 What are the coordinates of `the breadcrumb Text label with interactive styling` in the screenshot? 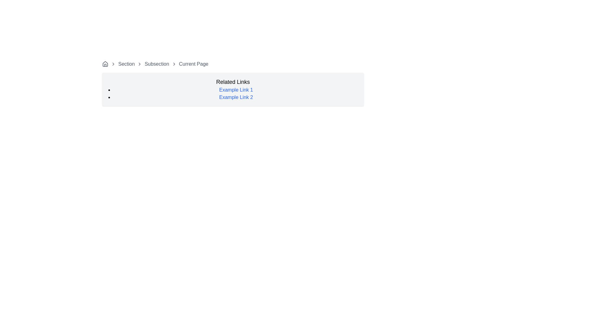 It's located at (126, 64).